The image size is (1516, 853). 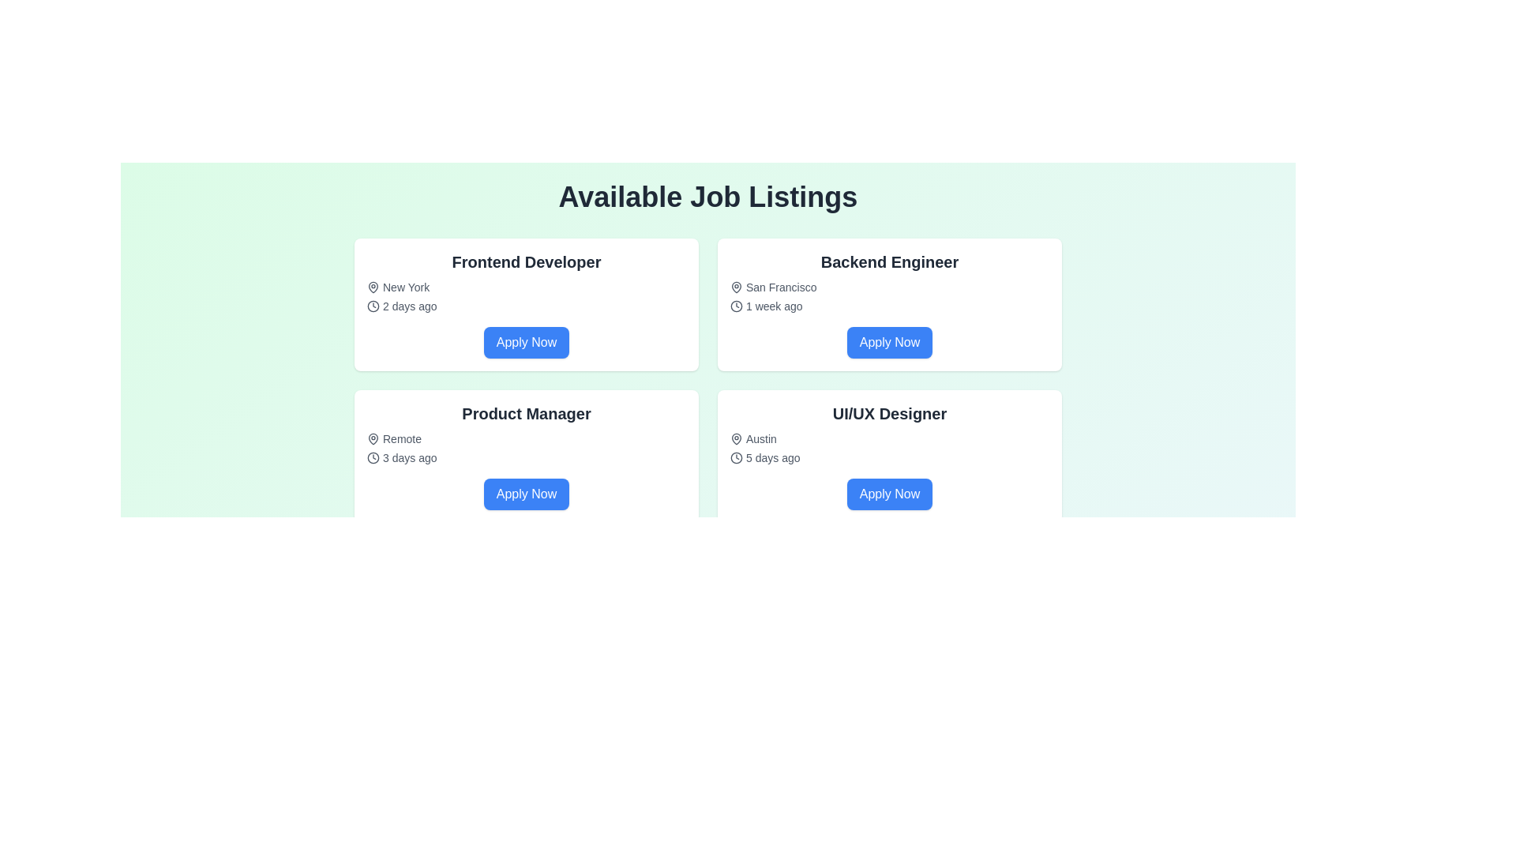 I want to click on the central circle of the clock icon in the upper half of the card for the 'San Francisco' job listing, specifically for the 'Backend Engineer' position, so click(x=735, y=306).